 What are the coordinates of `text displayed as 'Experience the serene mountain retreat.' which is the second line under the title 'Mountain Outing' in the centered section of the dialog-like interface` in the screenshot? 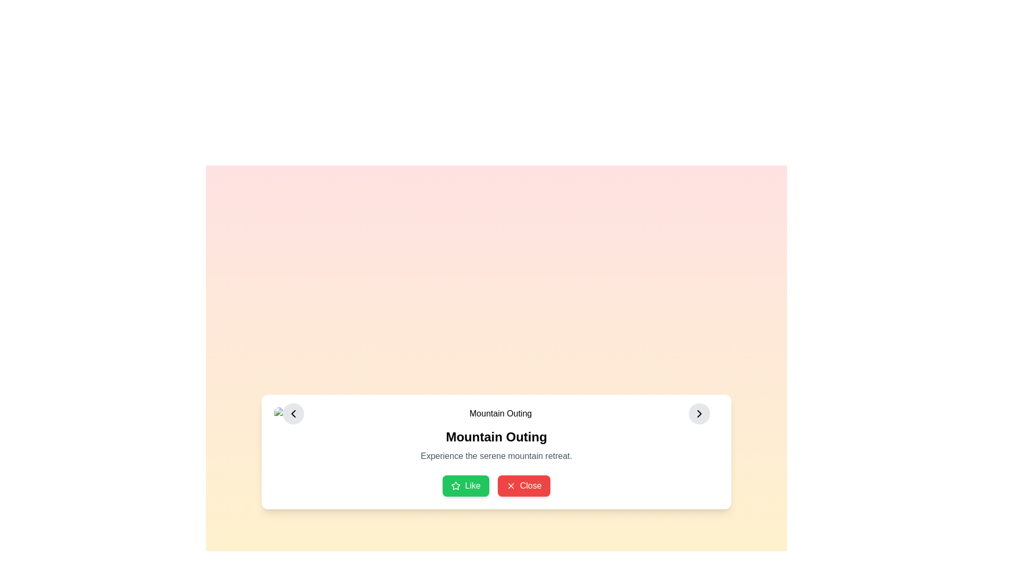 It's located at (496, 456).